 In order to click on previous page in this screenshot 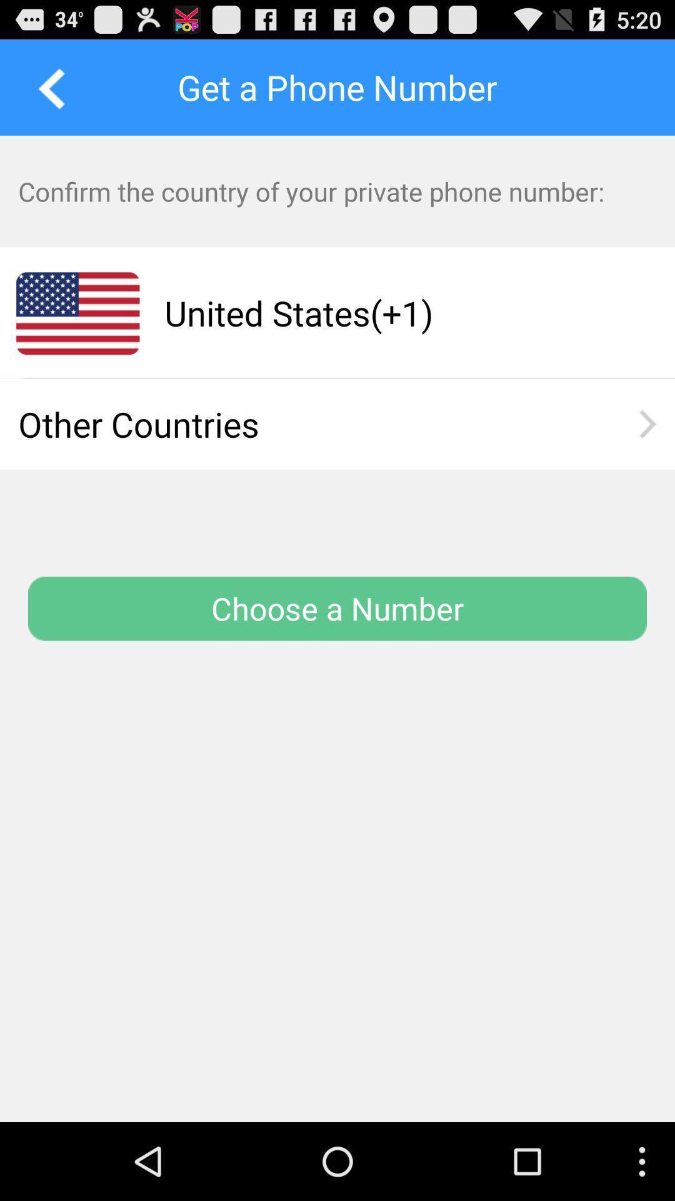, I will do `click(47, 86)`.